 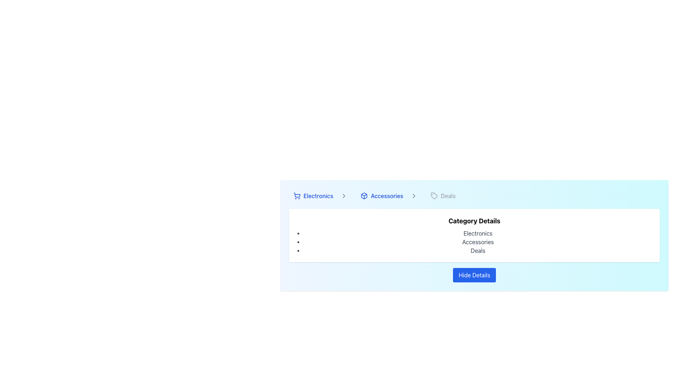 What do you see at coordinates (478, 250) in the screenshot?
I see `the 'Deals' text label, which is the last item in the vertically stacked bulleted list under the 'Category Details' section` at bounding box center [478, 250].